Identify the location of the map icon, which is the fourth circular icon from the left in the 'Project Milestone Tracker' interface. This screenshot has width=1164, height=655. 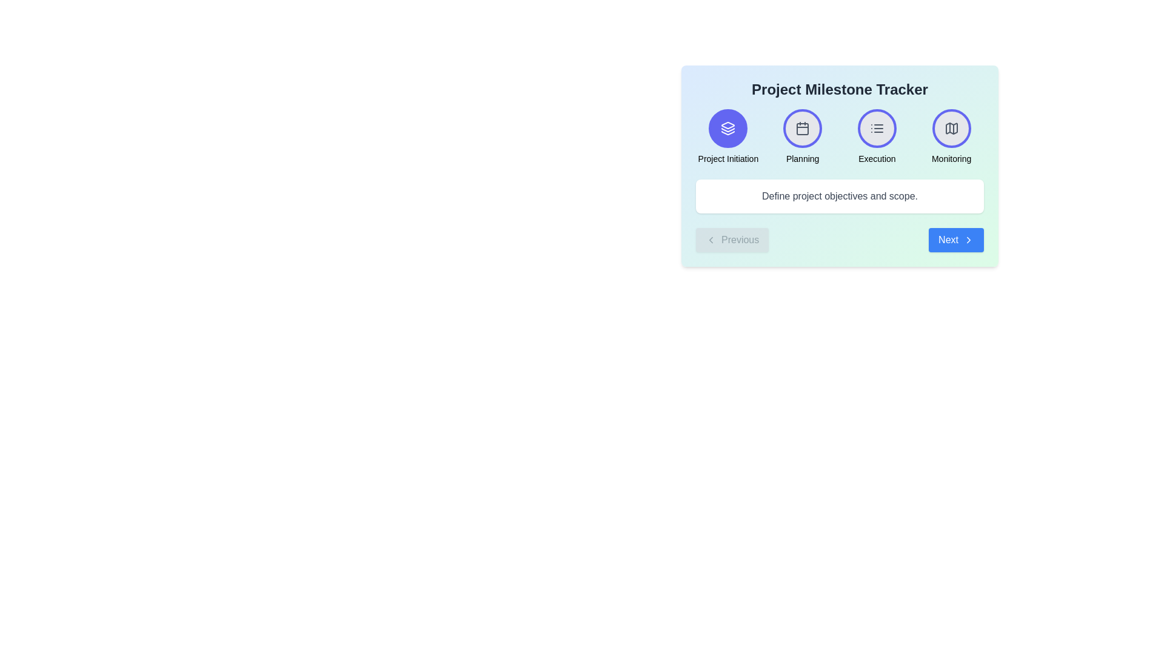
(951, 129).